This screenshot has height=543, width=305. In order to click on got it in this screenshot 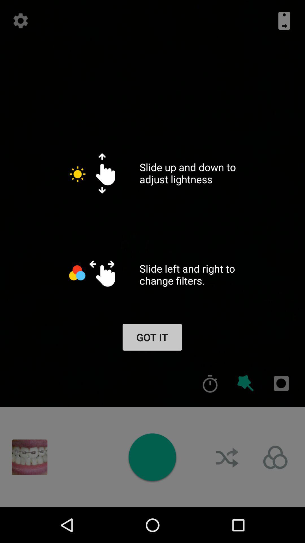, I will do `click(152, 337)`.